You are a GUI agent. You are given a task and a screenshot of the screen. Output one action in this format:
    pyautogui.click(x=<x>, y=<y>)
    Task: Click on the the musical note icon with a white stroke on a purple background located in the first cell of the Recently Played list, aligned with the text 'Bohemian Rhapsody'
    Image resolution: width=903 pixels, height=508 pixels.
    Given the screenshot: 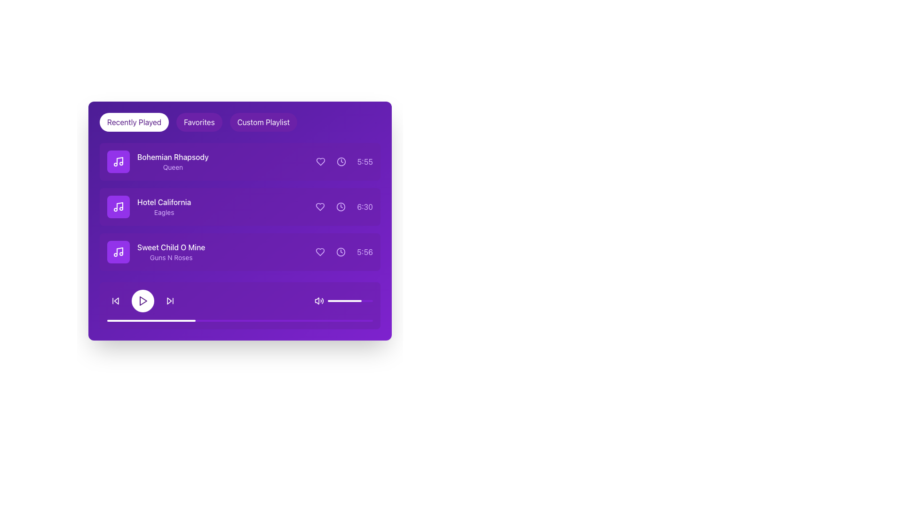 What is the action you would take?
    pyautogui.click(x=118, y=161)
    